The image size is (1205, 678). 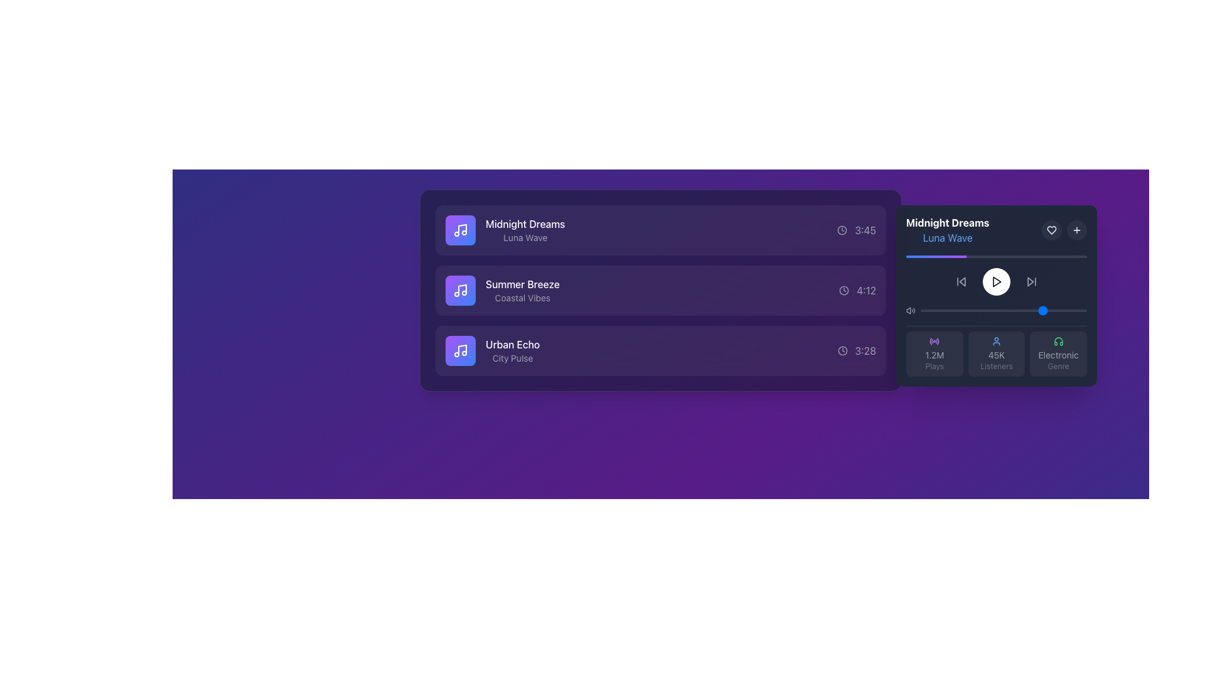 What do you see at coordinates (1051, 230) in the screenshot?
I see `the 'like' icon located in the top-right section of the dark-themed information panel next to the title 'Midnight Dreams'` at bounding box center [1051, 230].